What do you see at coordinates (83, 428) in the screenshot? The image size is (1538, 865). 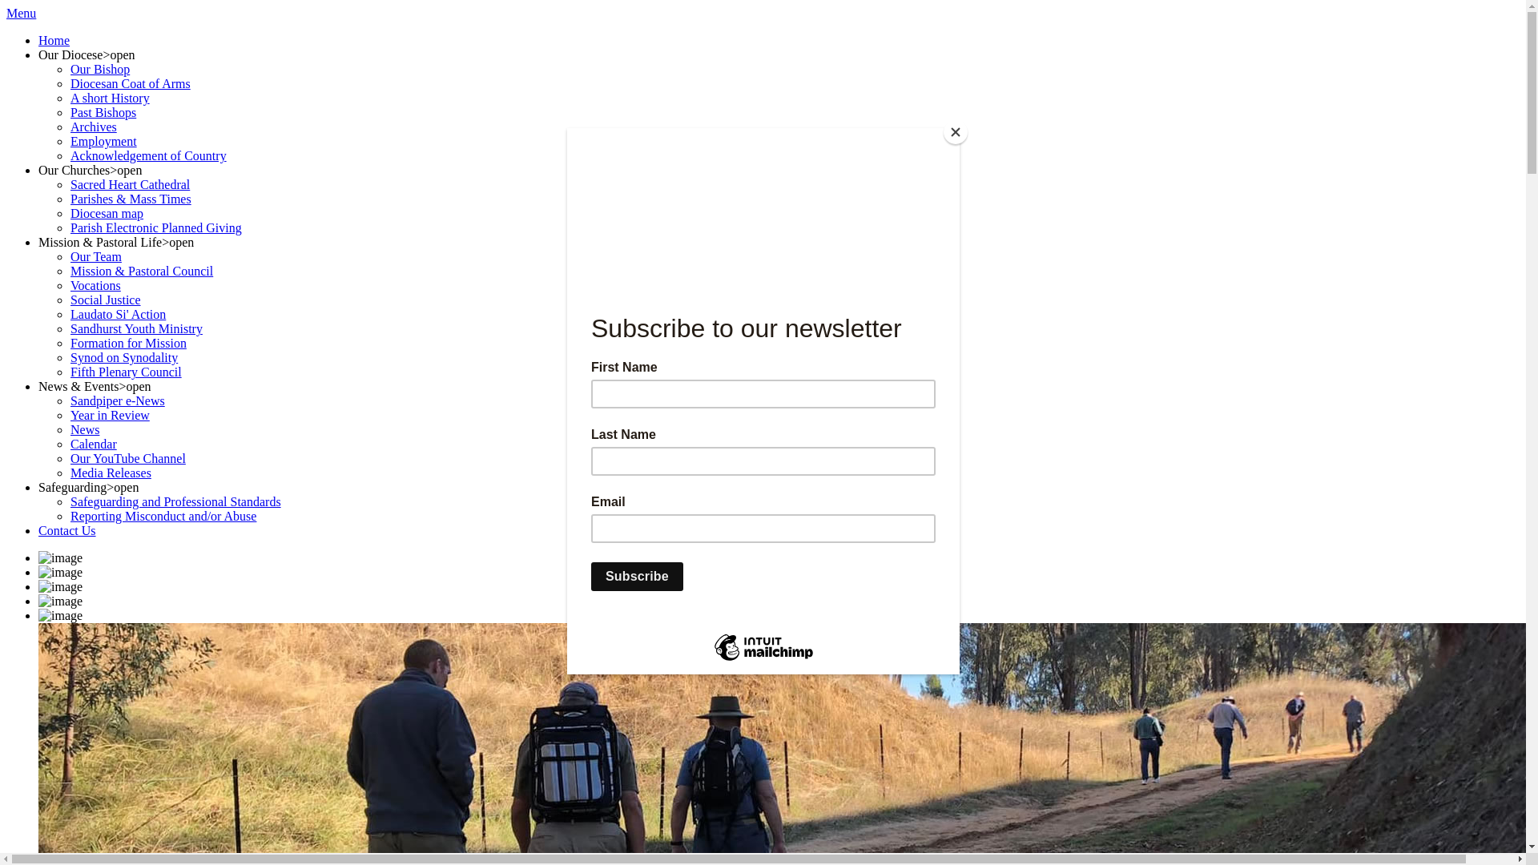 I see `'News'` at bounding box center [83, 428].